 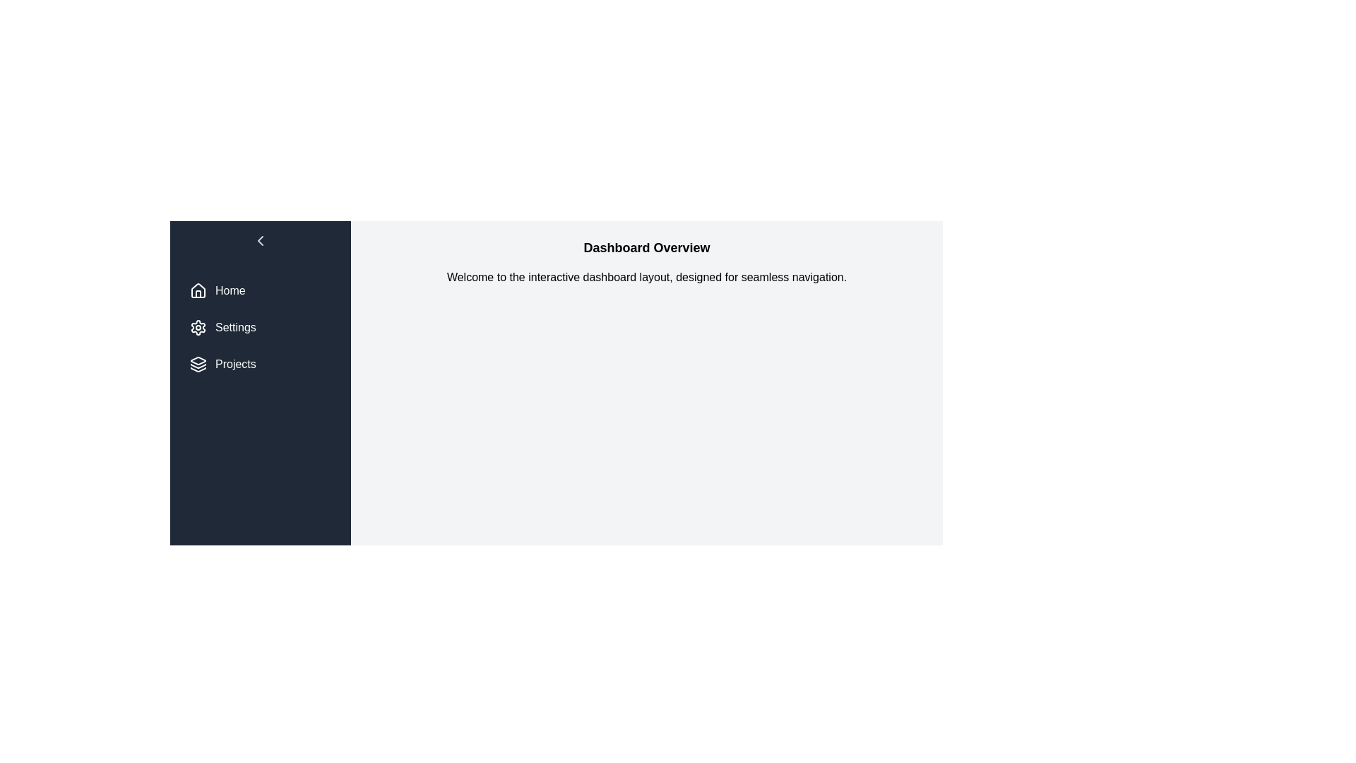 What do you see at coordinates (235, 364) in the screenshot?
I see `the 'Projects' text label in the sidebar navigation menu, which displays the word 'Projects' in white on a dark background and is aligned with an icon of layered elements` at bounding box center [235, 364].